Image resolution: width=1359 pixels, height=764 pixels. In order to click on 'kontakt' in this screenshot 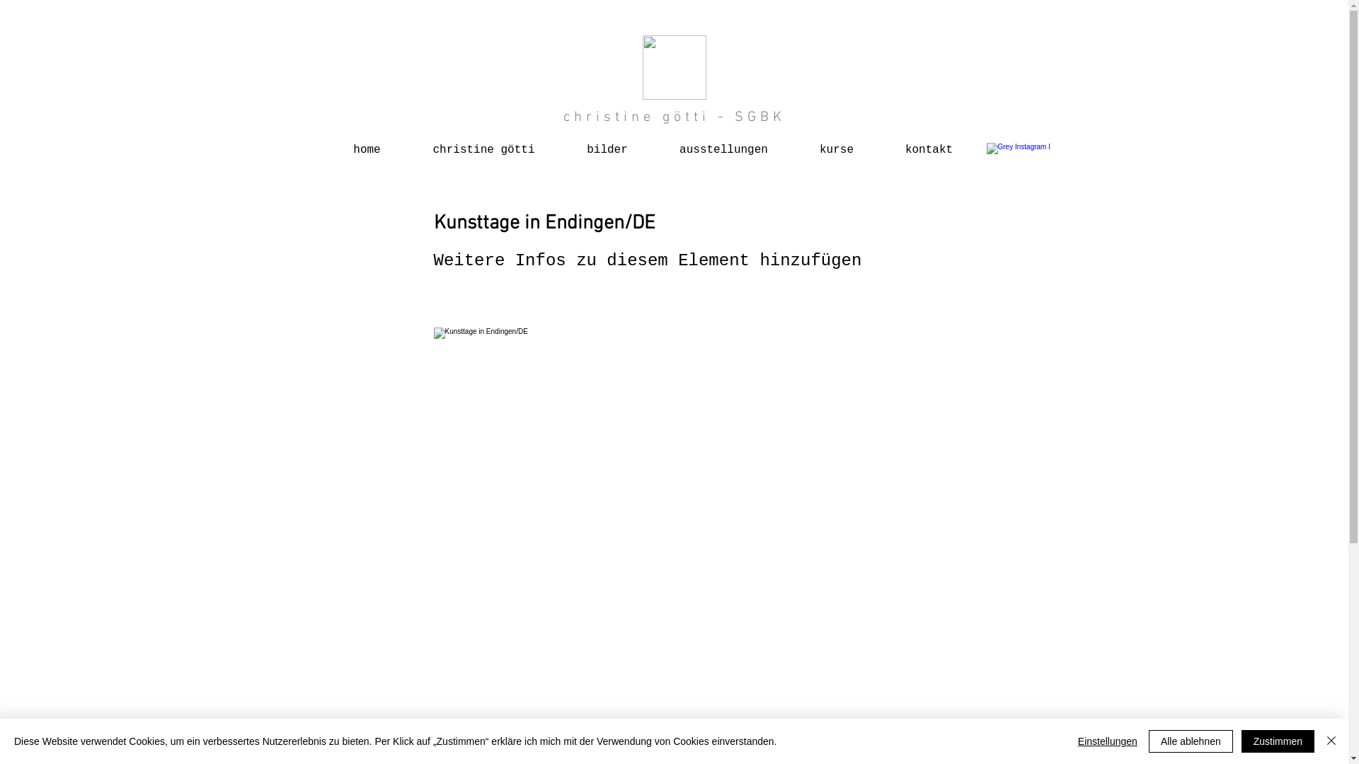, I will do `click(928, 144)`.